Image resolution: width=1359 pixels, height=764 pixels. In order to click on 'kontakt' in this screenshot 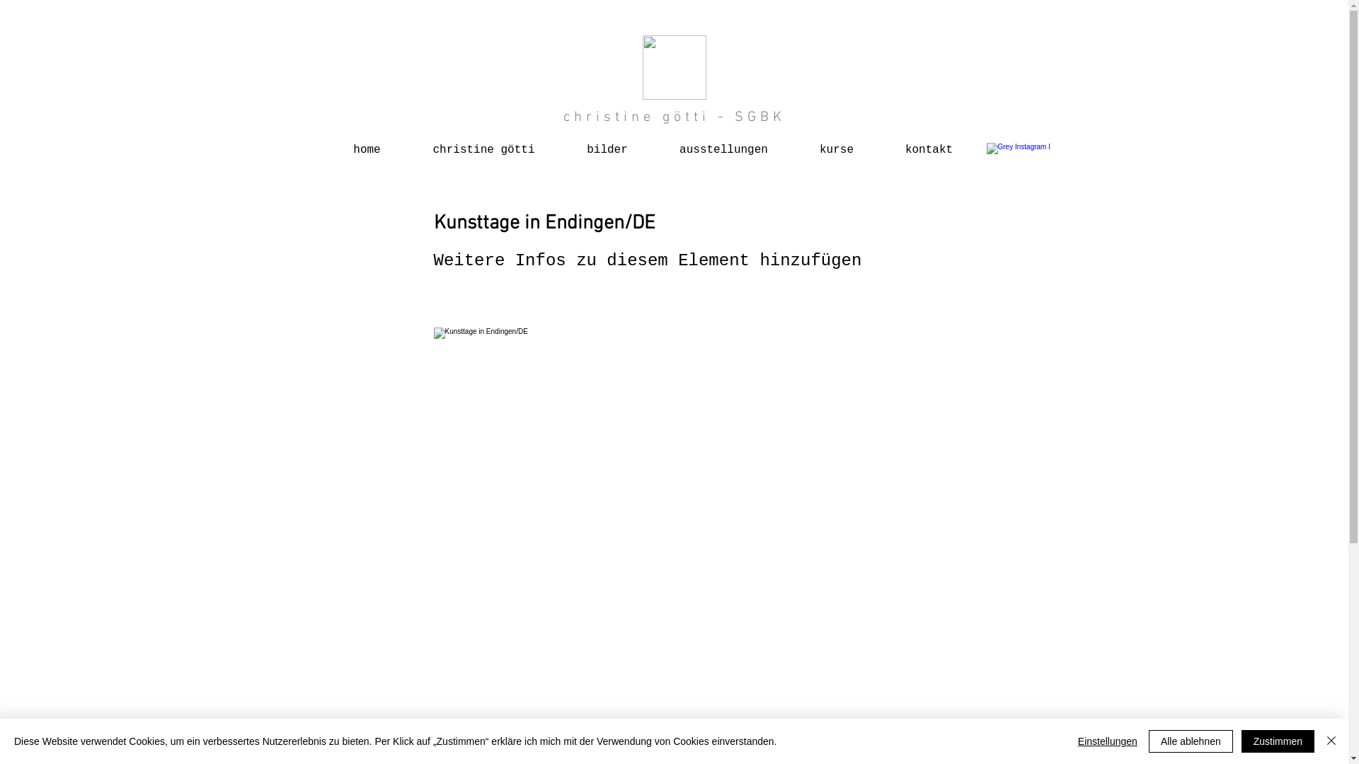, I will do `click(928, 144)`.